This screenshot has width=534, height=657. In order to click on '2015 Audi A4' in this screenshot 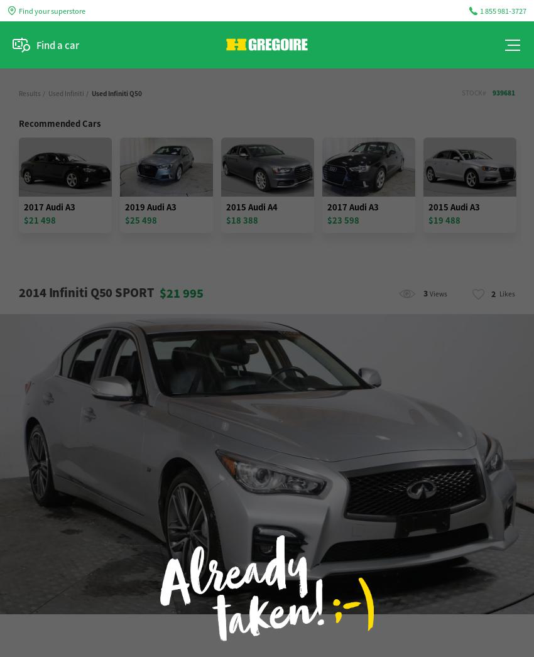, I will do `click(252, 206)`.